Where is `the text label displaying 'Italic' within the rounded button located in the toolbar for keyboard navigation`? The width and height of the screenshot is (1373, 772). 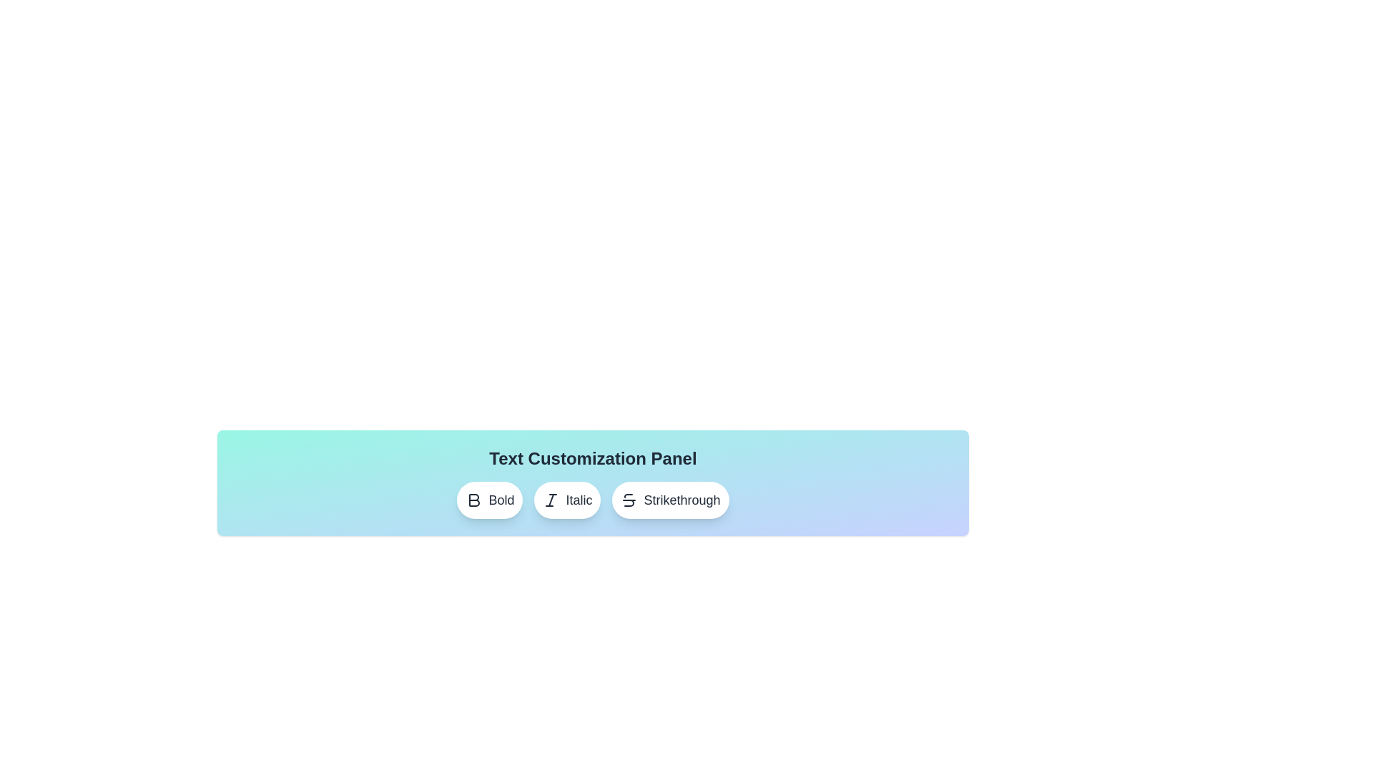 the text label displaying 'Italic' within the rounded button located in the toolbar for keyboard navigation is located at coordinates (579, 499).